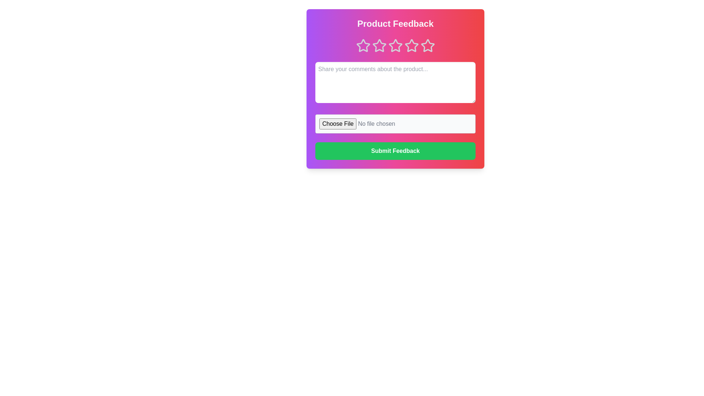  What do you see at coordinates (395, 151) in the screenshot?
I see `the 'Submit Feedback' button located at the bottom of the 'Product Feedback' form` at bounding box center [395, 151].